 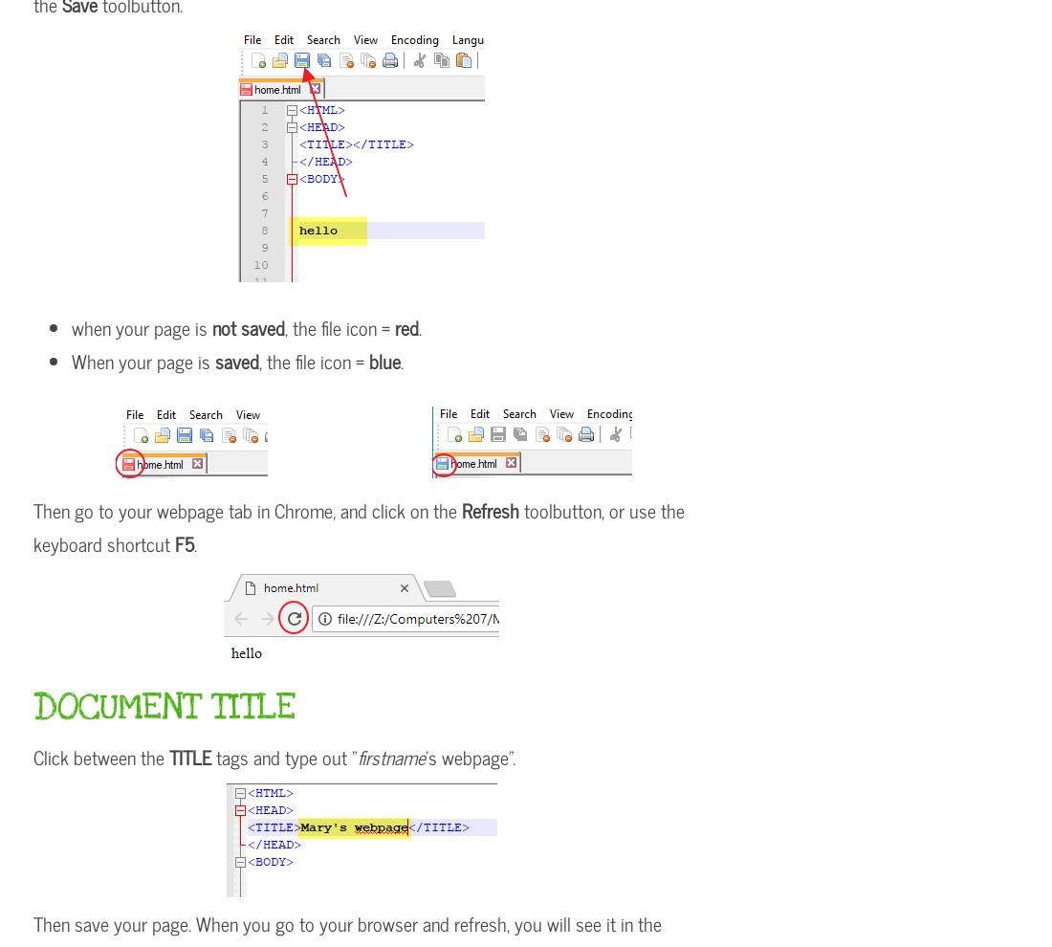 I want to click on ', the file icon =', so click(x=340, y=326).